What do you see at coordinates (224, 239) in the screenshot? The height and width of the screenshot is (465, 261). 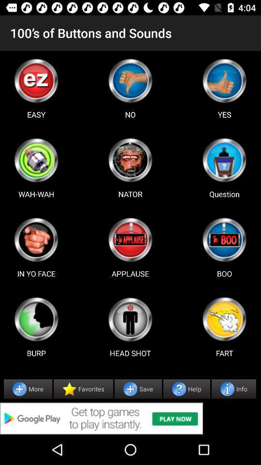 I see `advertisement page` at bounding box center [224, 239].